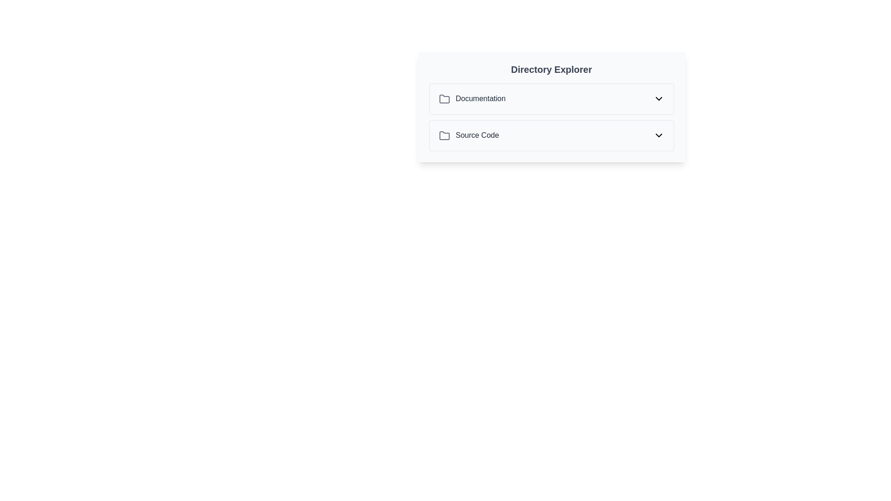 This screenshot has width=891, height=501. What do you see at coordinates (444, 135) in the screenshot?
I see `the folder-like icon located to the left of the 'Source Code' text` at bounding box center [444, 135].